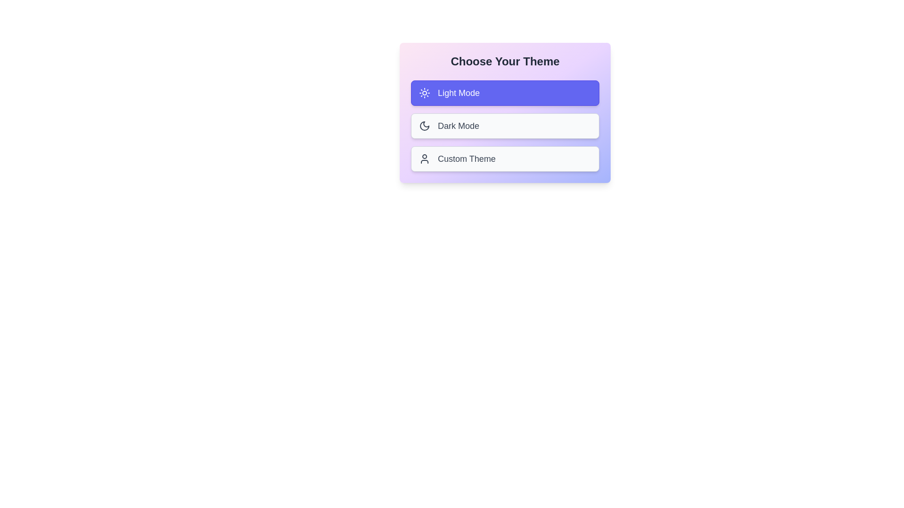  Describe the element at coordinates (505, 93) in the screenshot. I see `the theme Light Mode by clicking on its corresponding card` at that location.